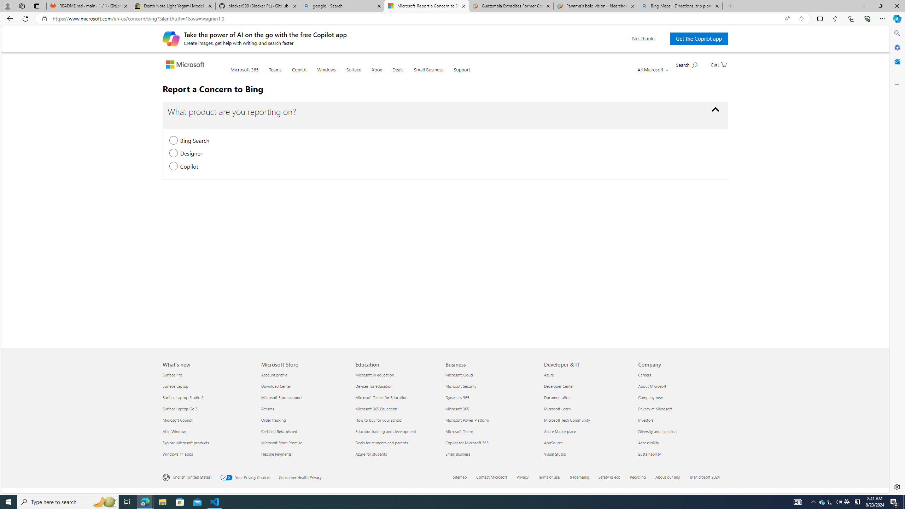 This screenshot has height=509, width=905. Describe the element at coordinates (379, 420) in the screenshot. I see `'How to buy for your school Education'` at that location.